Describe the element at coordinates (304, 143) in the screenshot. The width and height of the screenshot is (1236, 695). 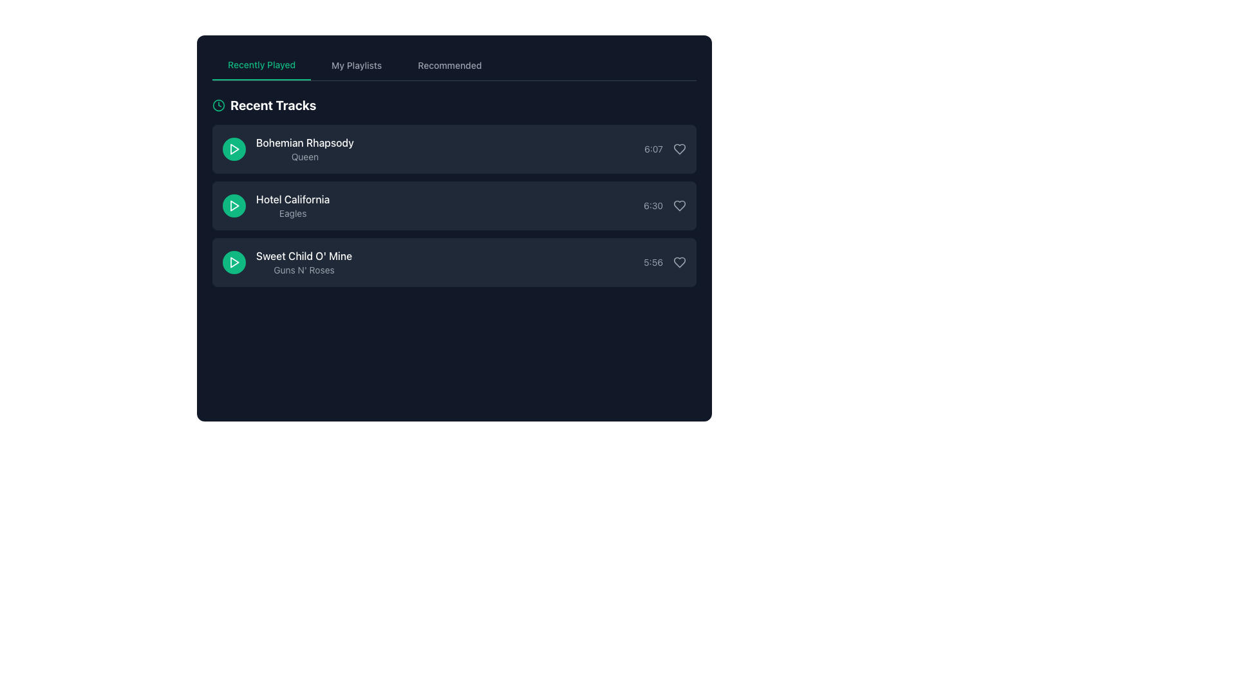
I see `the text label displaying 'Bohemian Rhapsody', which is prominently styled in white font against a dark background, located in the 'Recent Tracks' section above the artist name 'Queen'` at that location.